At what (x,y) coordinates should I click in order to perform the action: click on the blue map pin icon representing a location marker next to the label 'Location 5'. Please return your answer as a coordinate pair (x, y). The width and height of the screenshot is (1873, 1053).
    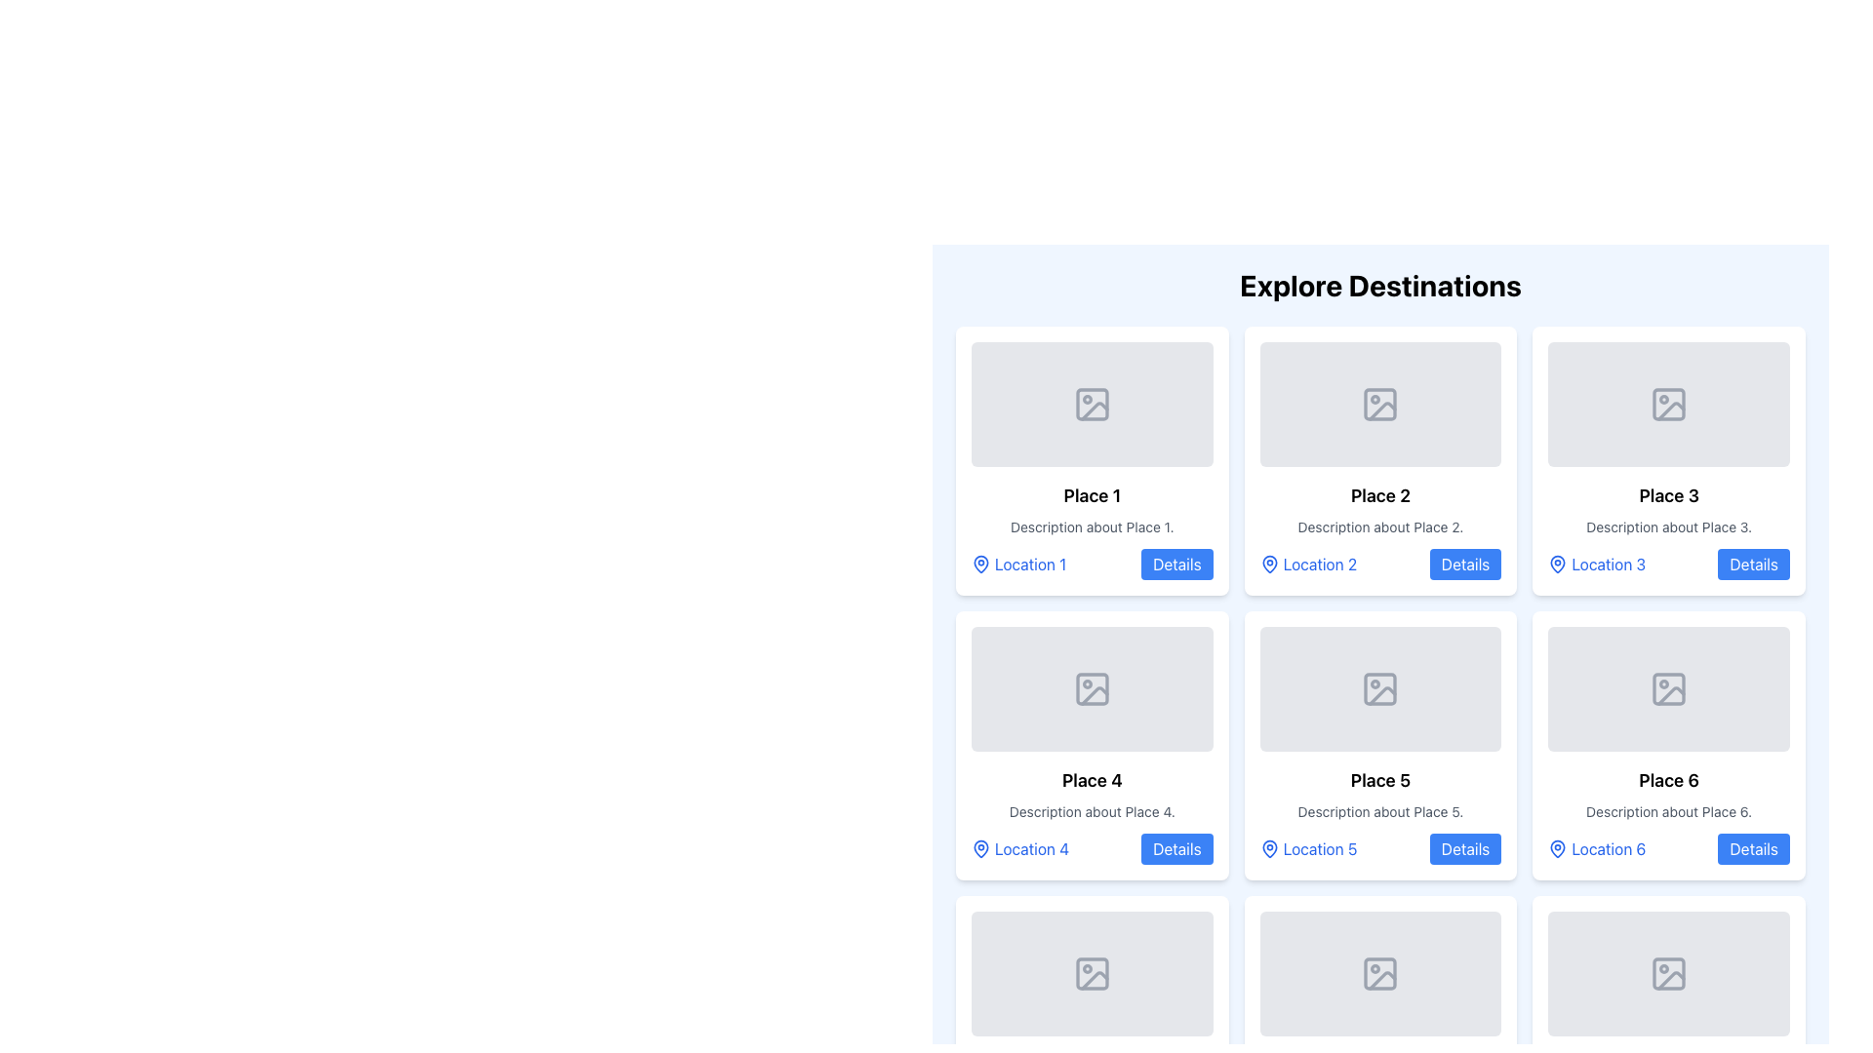
    Looking at the image, I should click on (1269, 848).